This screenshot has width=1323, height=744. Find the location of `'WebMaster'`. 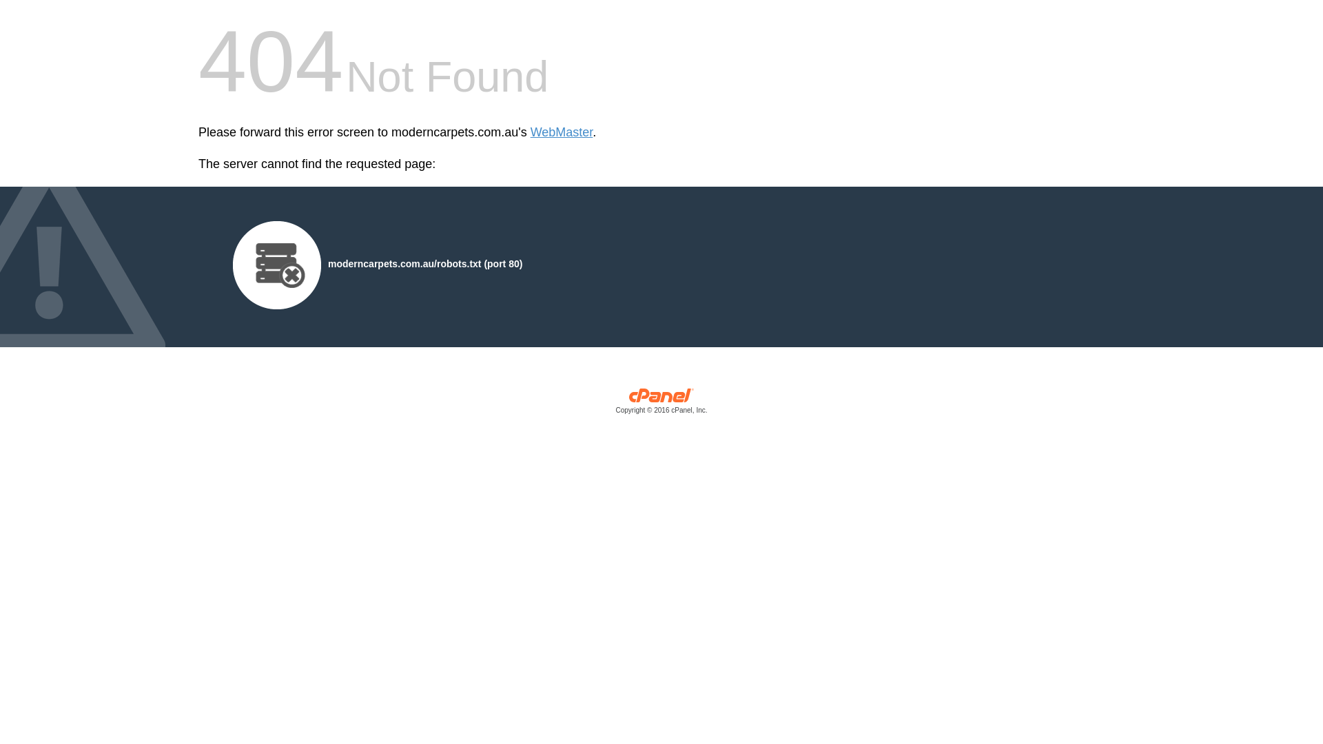

'WebMaster' is located at coordinates (562, 132).